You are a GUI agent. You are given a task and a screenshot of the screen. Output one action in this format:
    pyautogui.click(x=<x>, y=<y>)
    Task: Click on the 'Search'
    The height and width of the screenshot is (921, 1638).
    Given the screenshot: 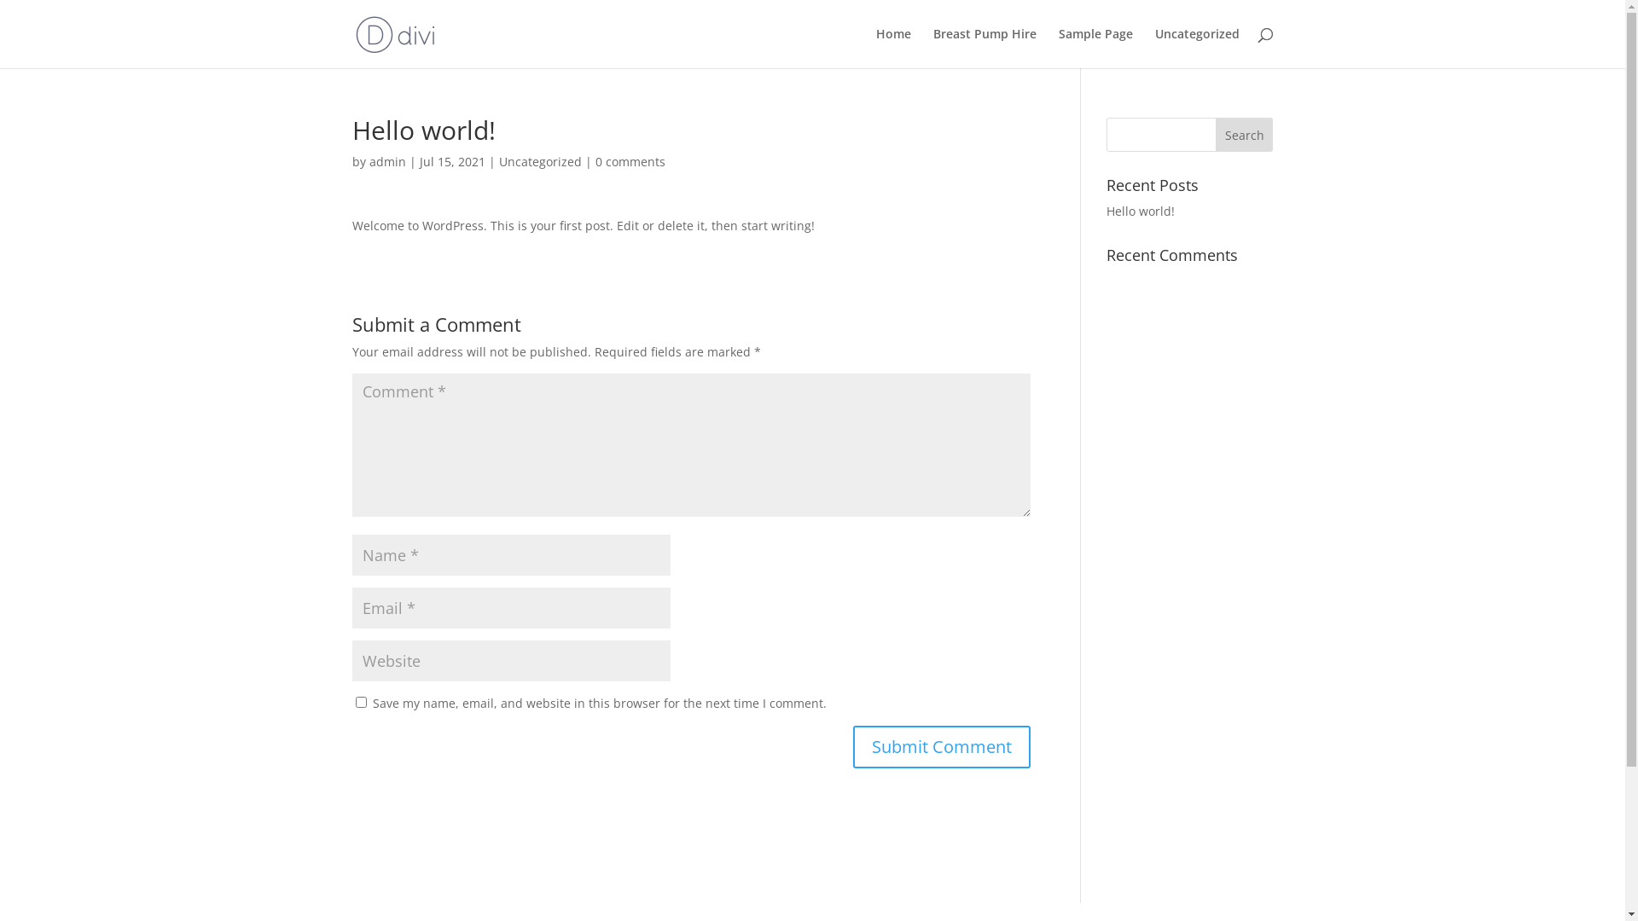 What is the action you would take?
    pyautogui.click(x=1245, y=134)
    